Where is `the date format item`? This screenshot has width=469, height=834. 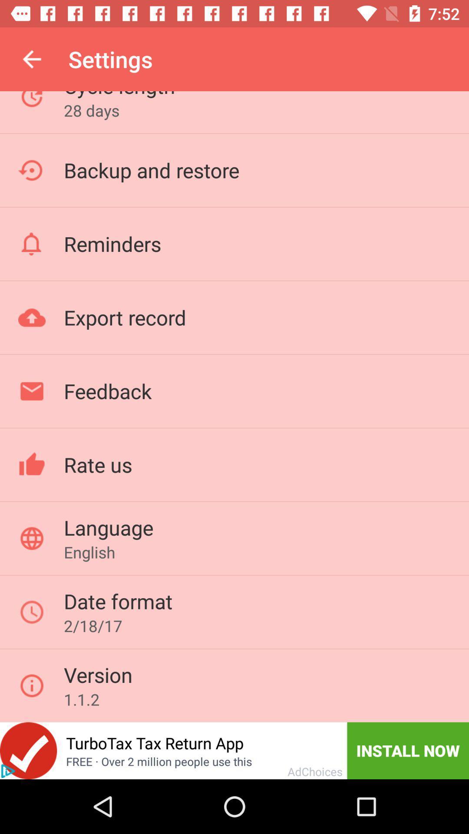 the date format item is located at coordinates (118, 601).